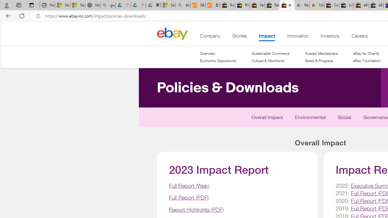 Image resolution: width=388 pixels, height=218 pixels. What do you see at coordinates (366, 53) in the screenshot?
I see `'eBay for Charity'` at bounding box center [366, 53].